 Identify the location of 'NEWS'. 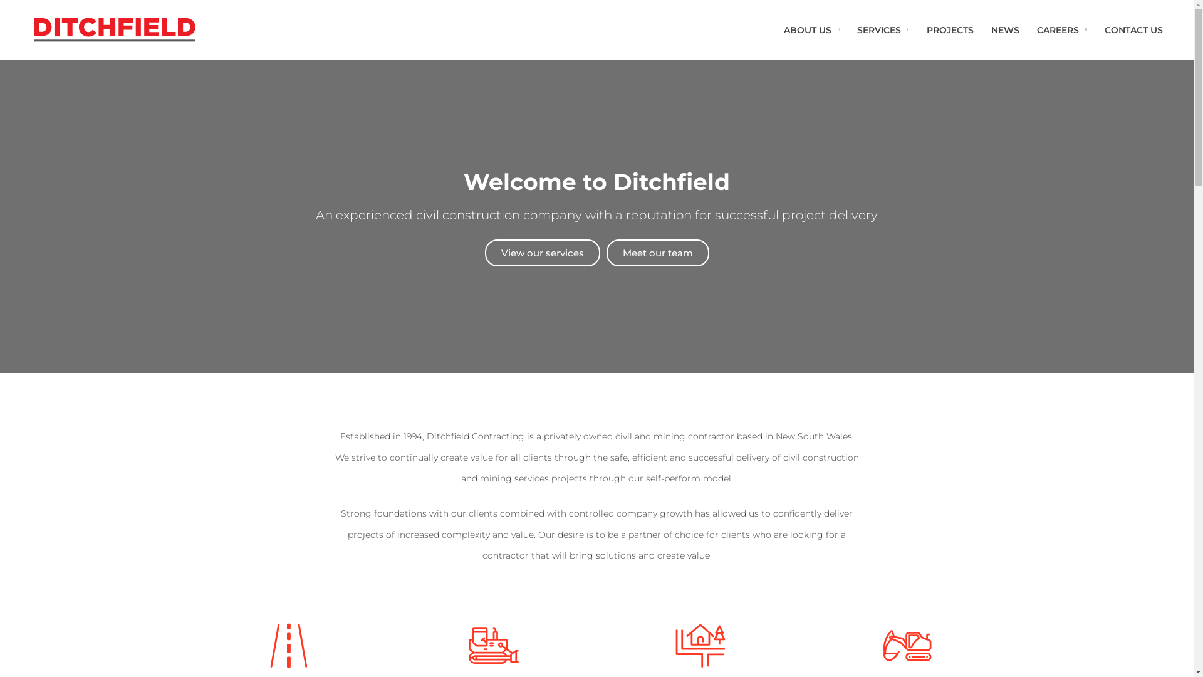
(982, 29).